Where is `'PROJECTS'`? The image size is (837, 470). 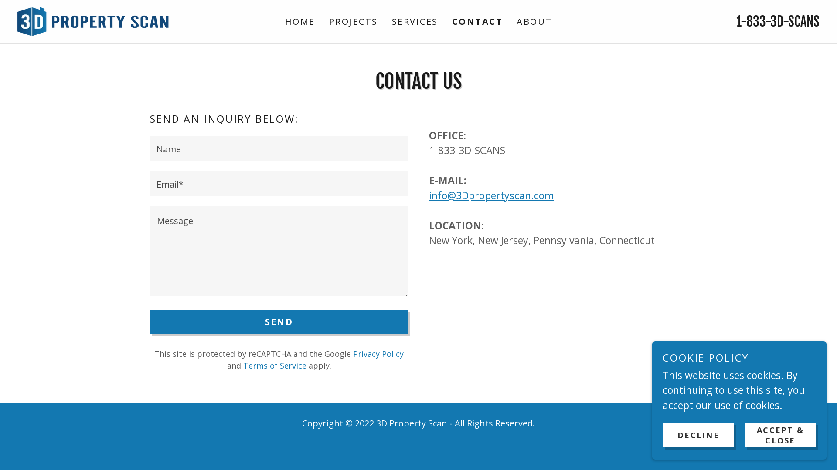
'PROJECTS' is located at coordinates (353, 21).